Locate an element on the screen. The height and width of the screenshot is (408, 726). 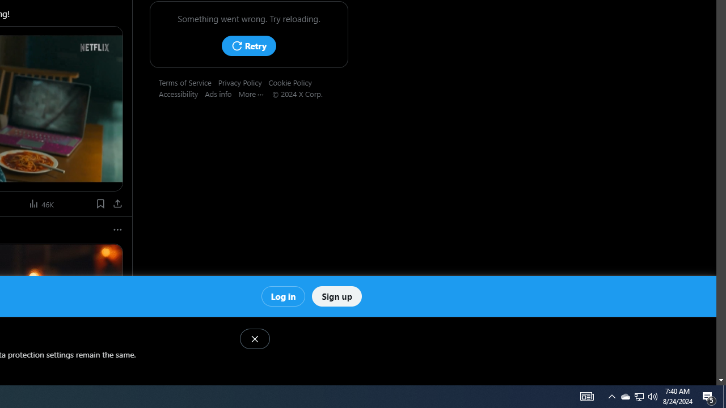
'Retry' is located at coordinates (248, 45).